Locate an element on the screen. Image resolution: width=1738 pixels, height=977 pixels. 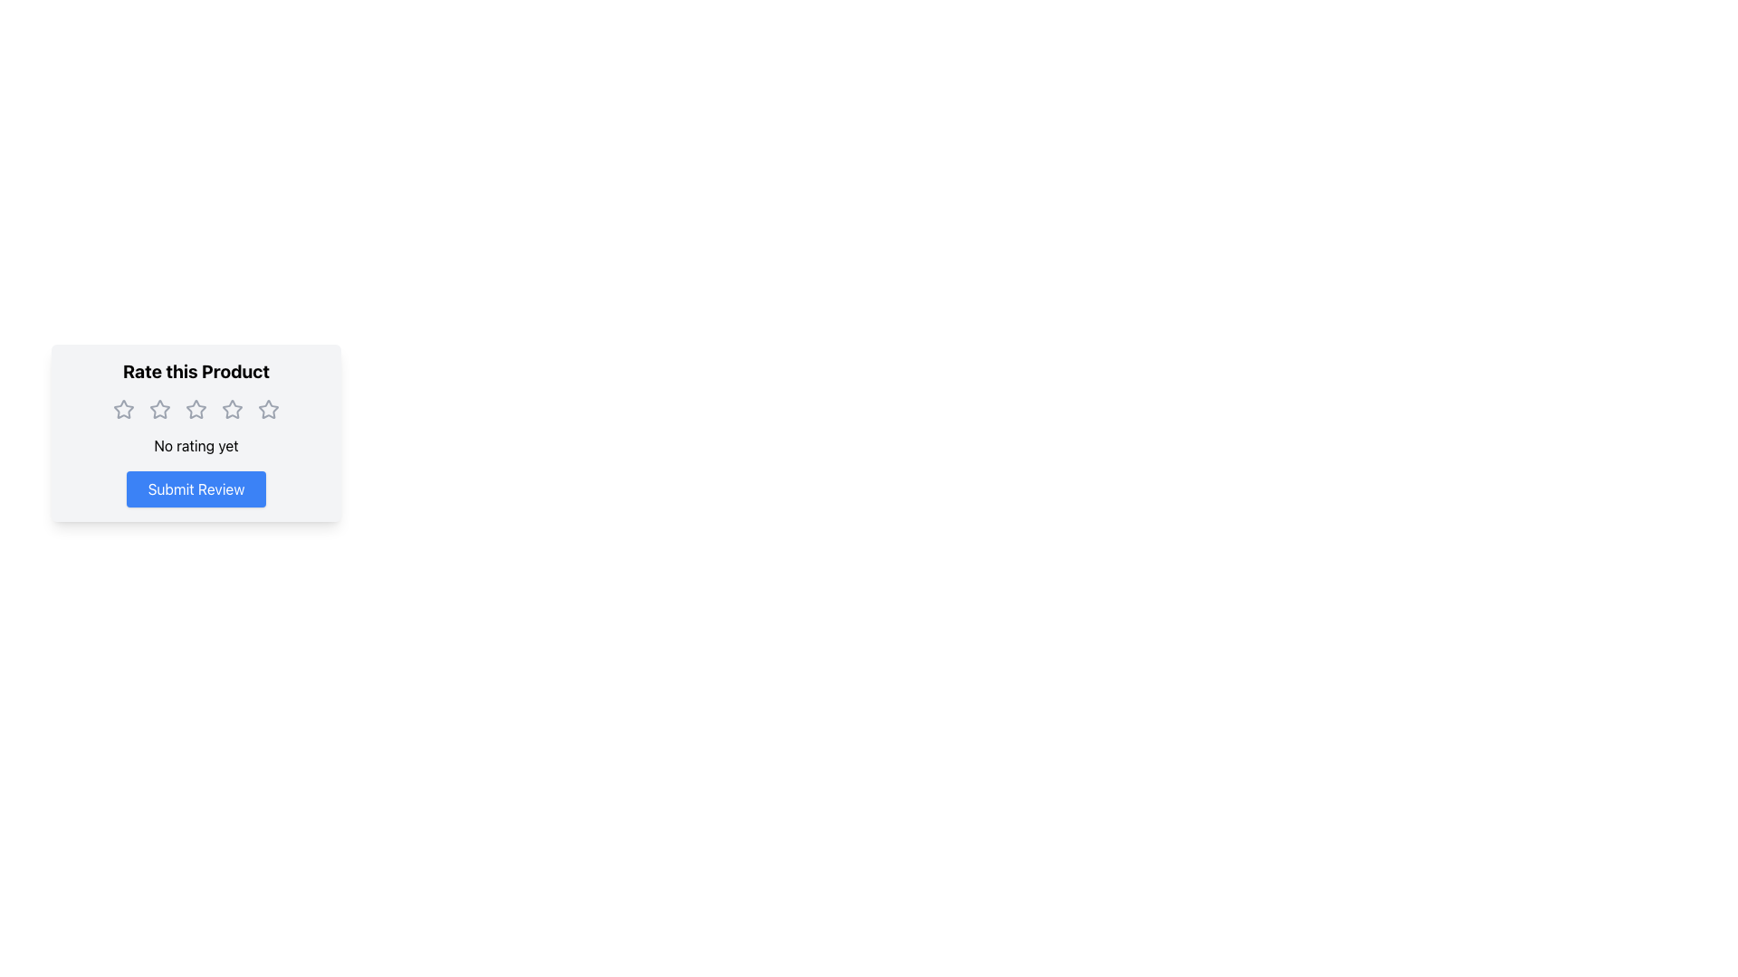
the 'Submit Review' button, which has a blue background and white text, located at the bottom of the modal-like card is located at coordinates (196, 488).